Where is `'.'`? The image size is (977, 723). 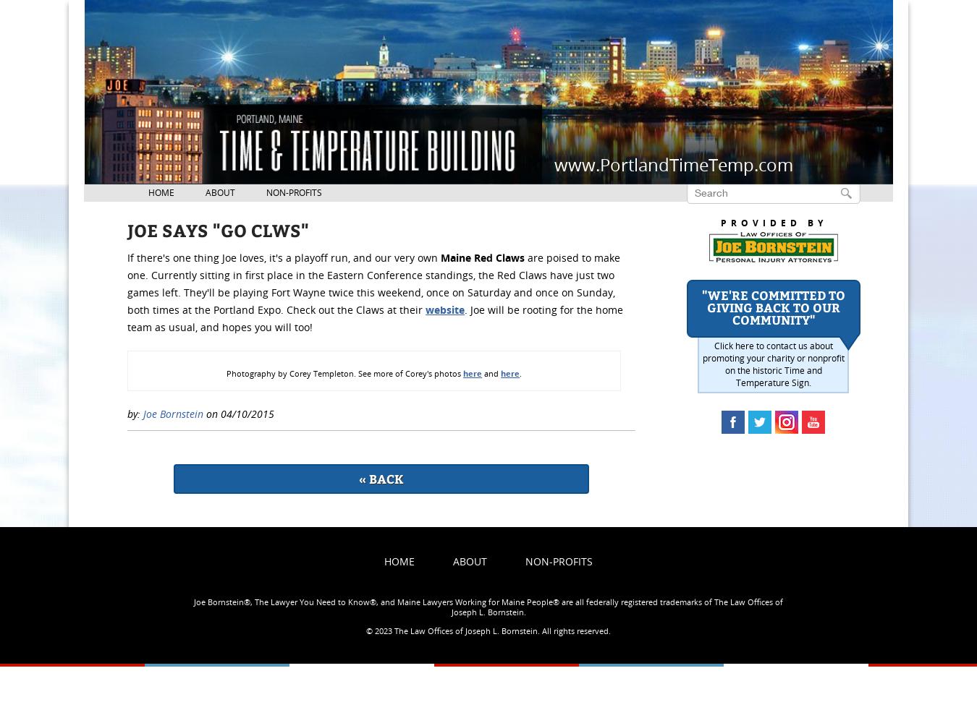
'.' is located at coordinates (520, 373).